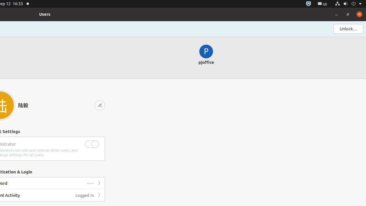  Describe the element at coordinates (45, 14) in the screenshot. I see `'Users'` at that location.